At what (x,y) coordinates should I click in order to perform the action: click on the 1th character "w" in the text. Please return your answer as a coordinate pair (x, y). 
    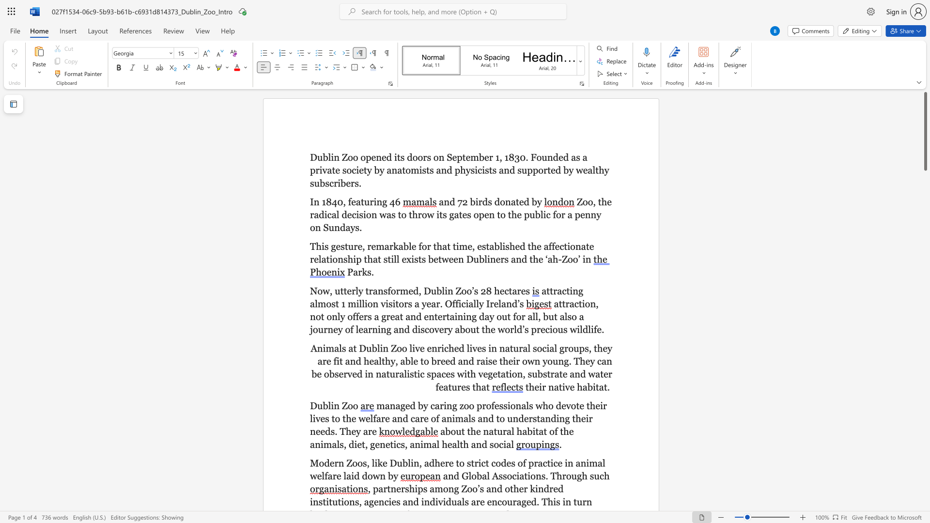
    Looking at the image, I should click on (313, 476).